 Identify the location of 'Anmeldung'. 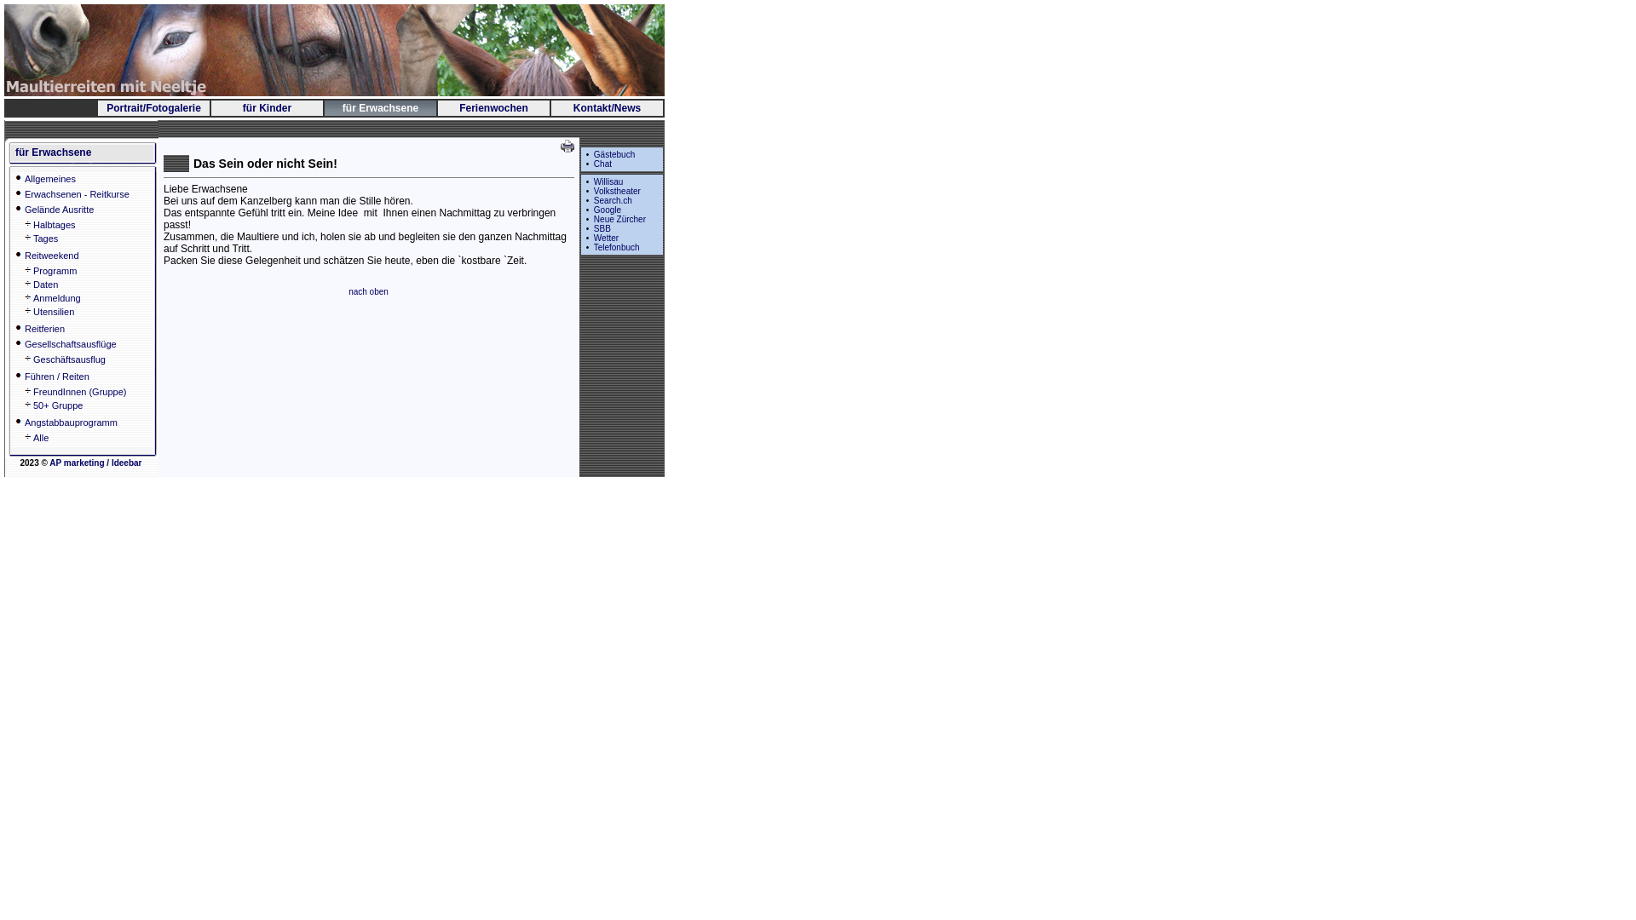
(57, 297).